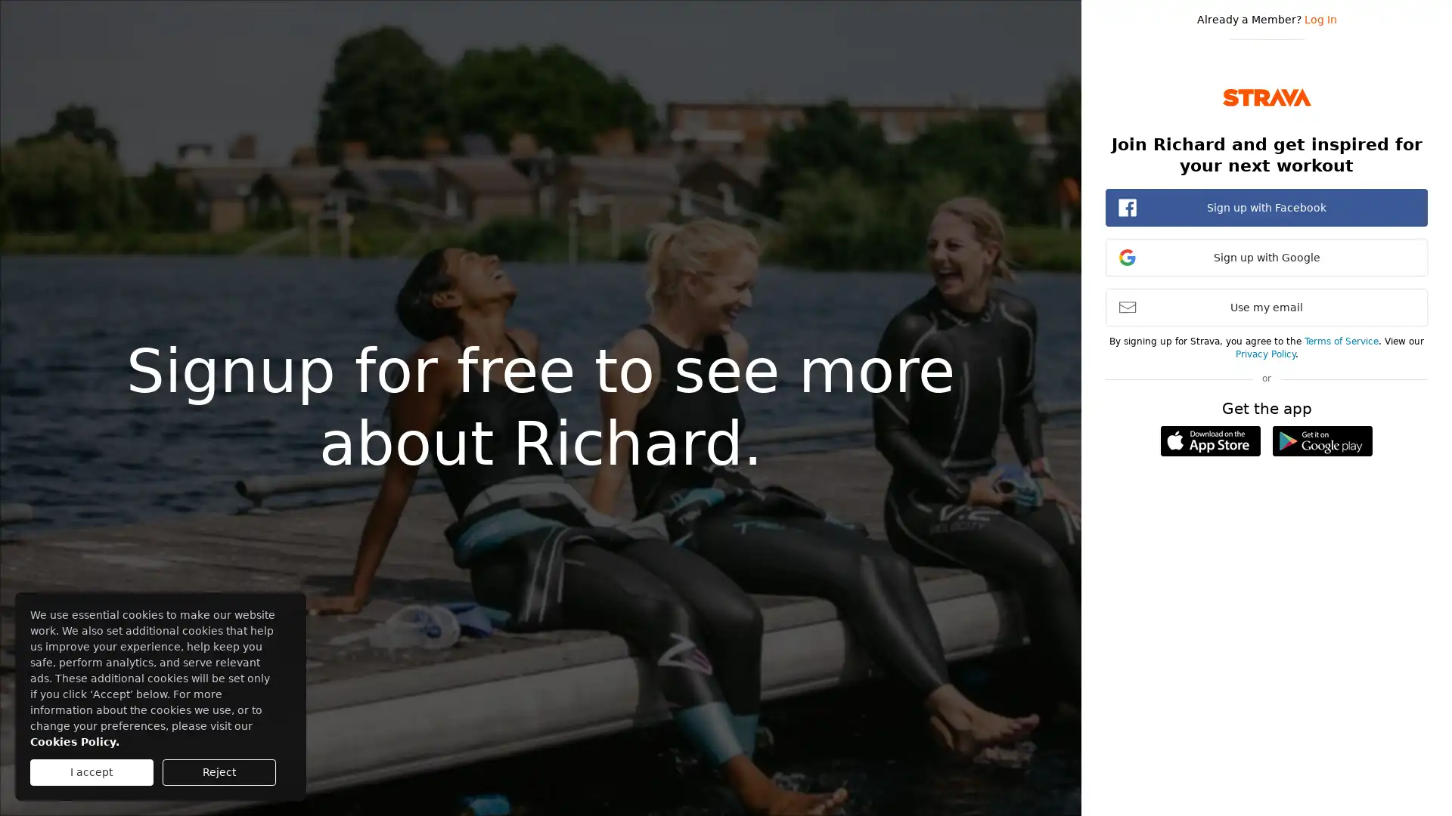  Describe the element at coordinates (218, 772) in the screenshot. I see `Reject` at that location.